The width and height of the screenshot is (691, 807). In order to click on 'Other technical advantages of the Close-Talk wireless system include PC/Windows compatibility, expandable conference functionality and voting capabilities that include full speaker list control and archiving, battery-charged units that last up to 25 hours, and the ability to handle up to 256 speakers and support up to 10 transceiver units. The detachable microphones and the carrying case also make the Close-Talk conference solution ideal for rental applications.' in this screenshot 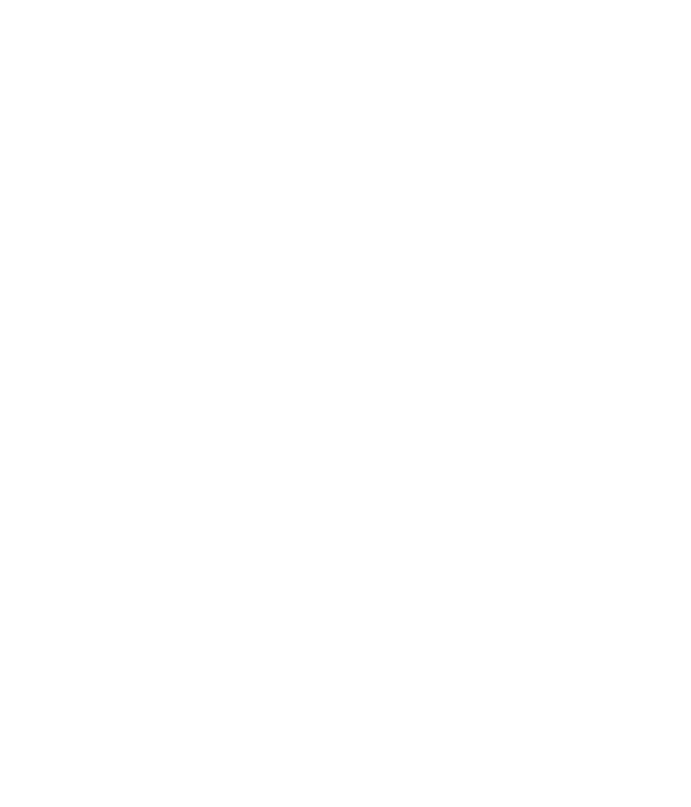, I will do `click(21, 658)`.